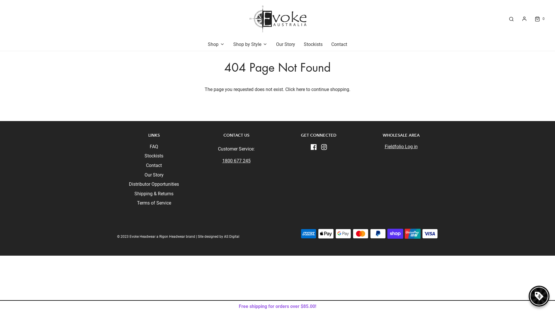 The height and width of the screenshot is (312, 555). What do you see at coordinates (511, 18) in the screenshot?
I see `'Search'` at bounding box center [511, 18].